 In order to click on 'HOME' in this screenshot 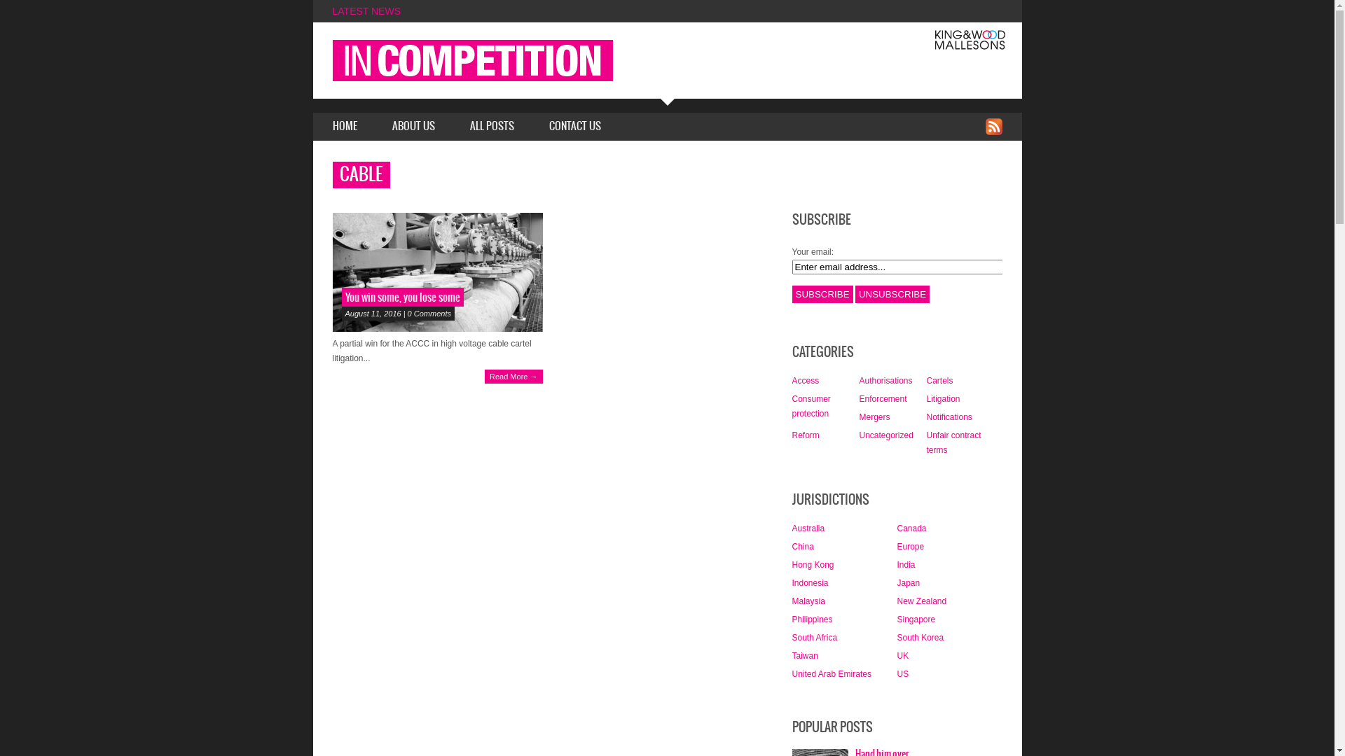, I will do `click(344, 127)`.